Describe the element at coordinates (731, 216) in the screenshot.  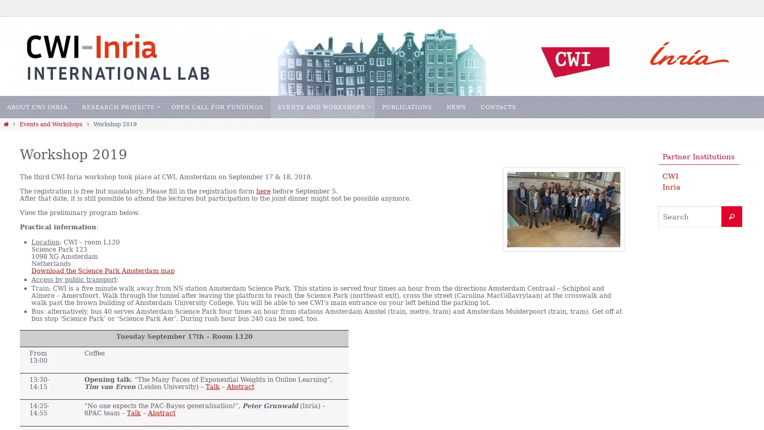
I see `Search` at that location.